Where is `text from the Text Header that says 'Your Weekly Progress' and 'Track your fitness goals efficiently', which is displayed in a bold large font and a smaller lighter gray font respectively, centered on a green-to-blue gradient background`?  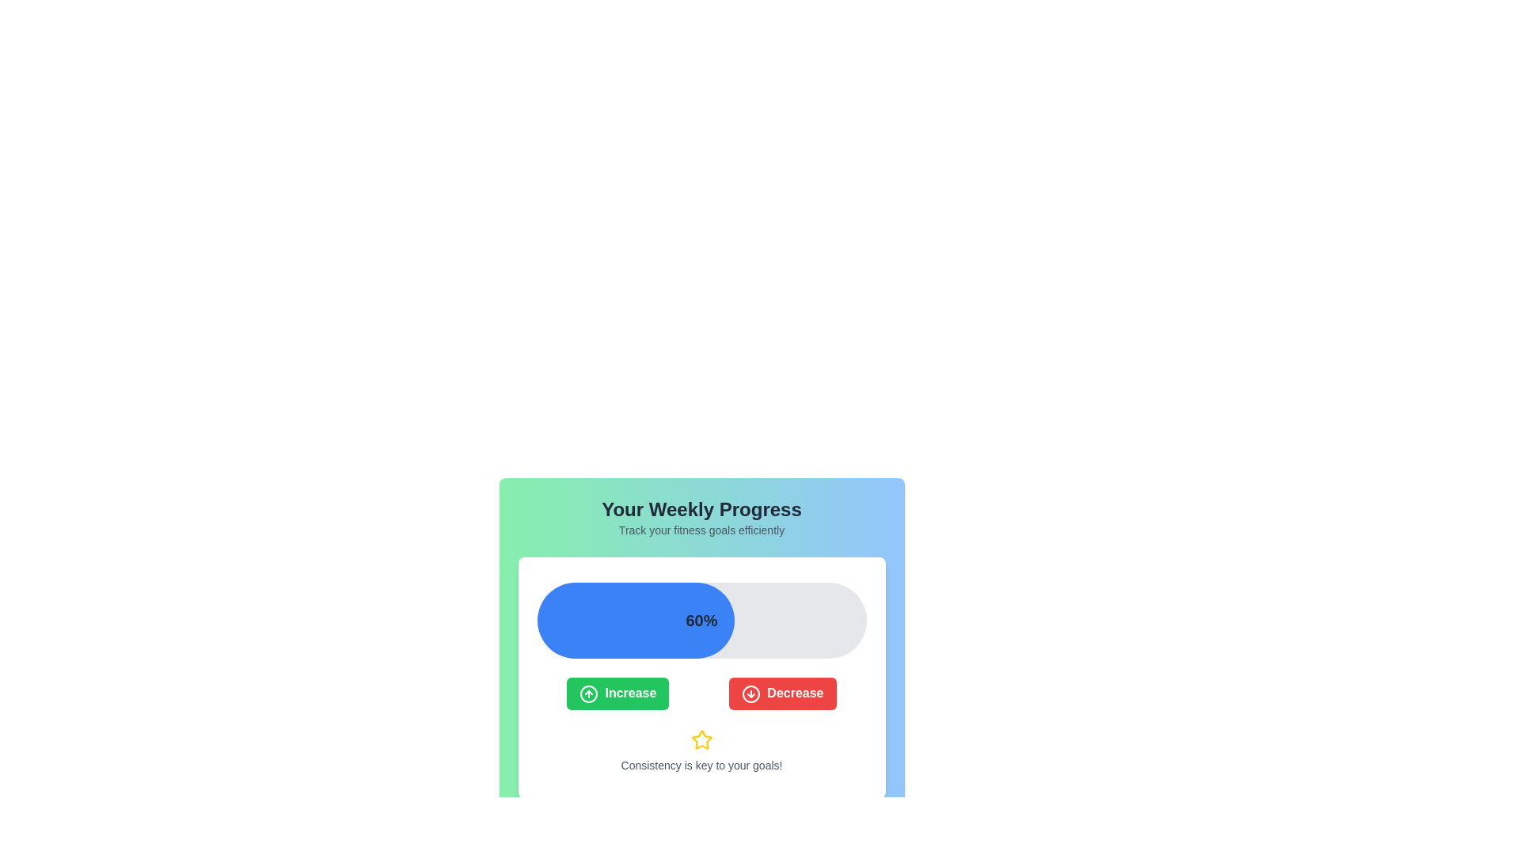
text from the Text Header that says 'Your Weekly Progress' and 'Track your fitness goals efficiently', which is displayed in a bold large font and a smaller lighter gray font respectively, centered on a green-to-blue gradient background is located at coordinates (701, 518).